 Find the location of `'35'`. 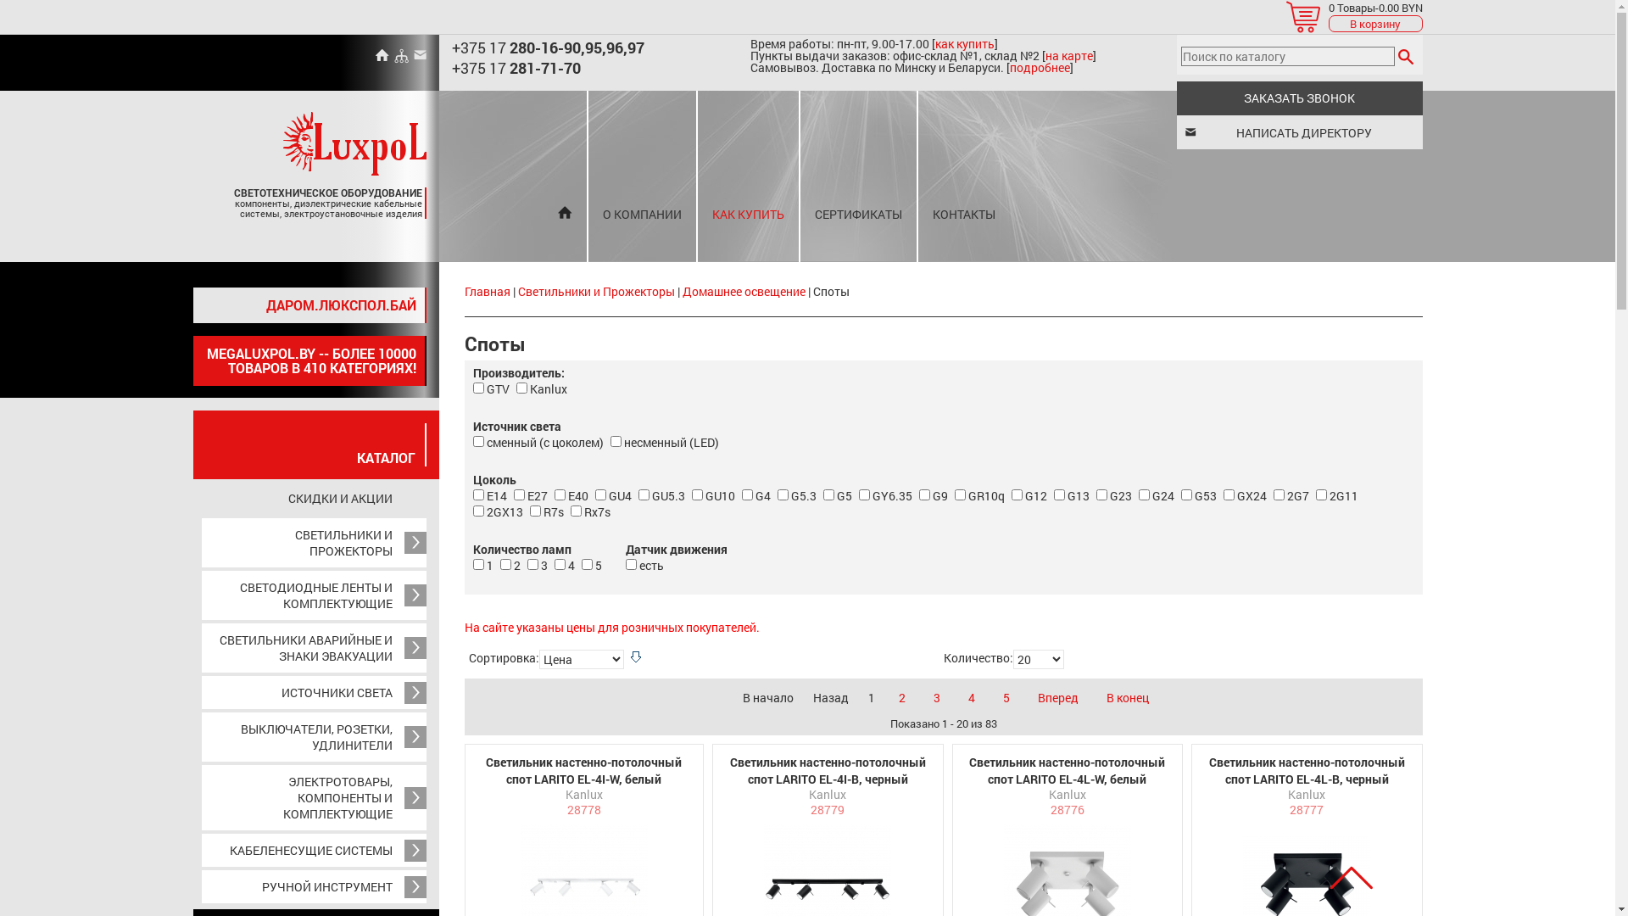

'35' is located at coordinates (533, 510).